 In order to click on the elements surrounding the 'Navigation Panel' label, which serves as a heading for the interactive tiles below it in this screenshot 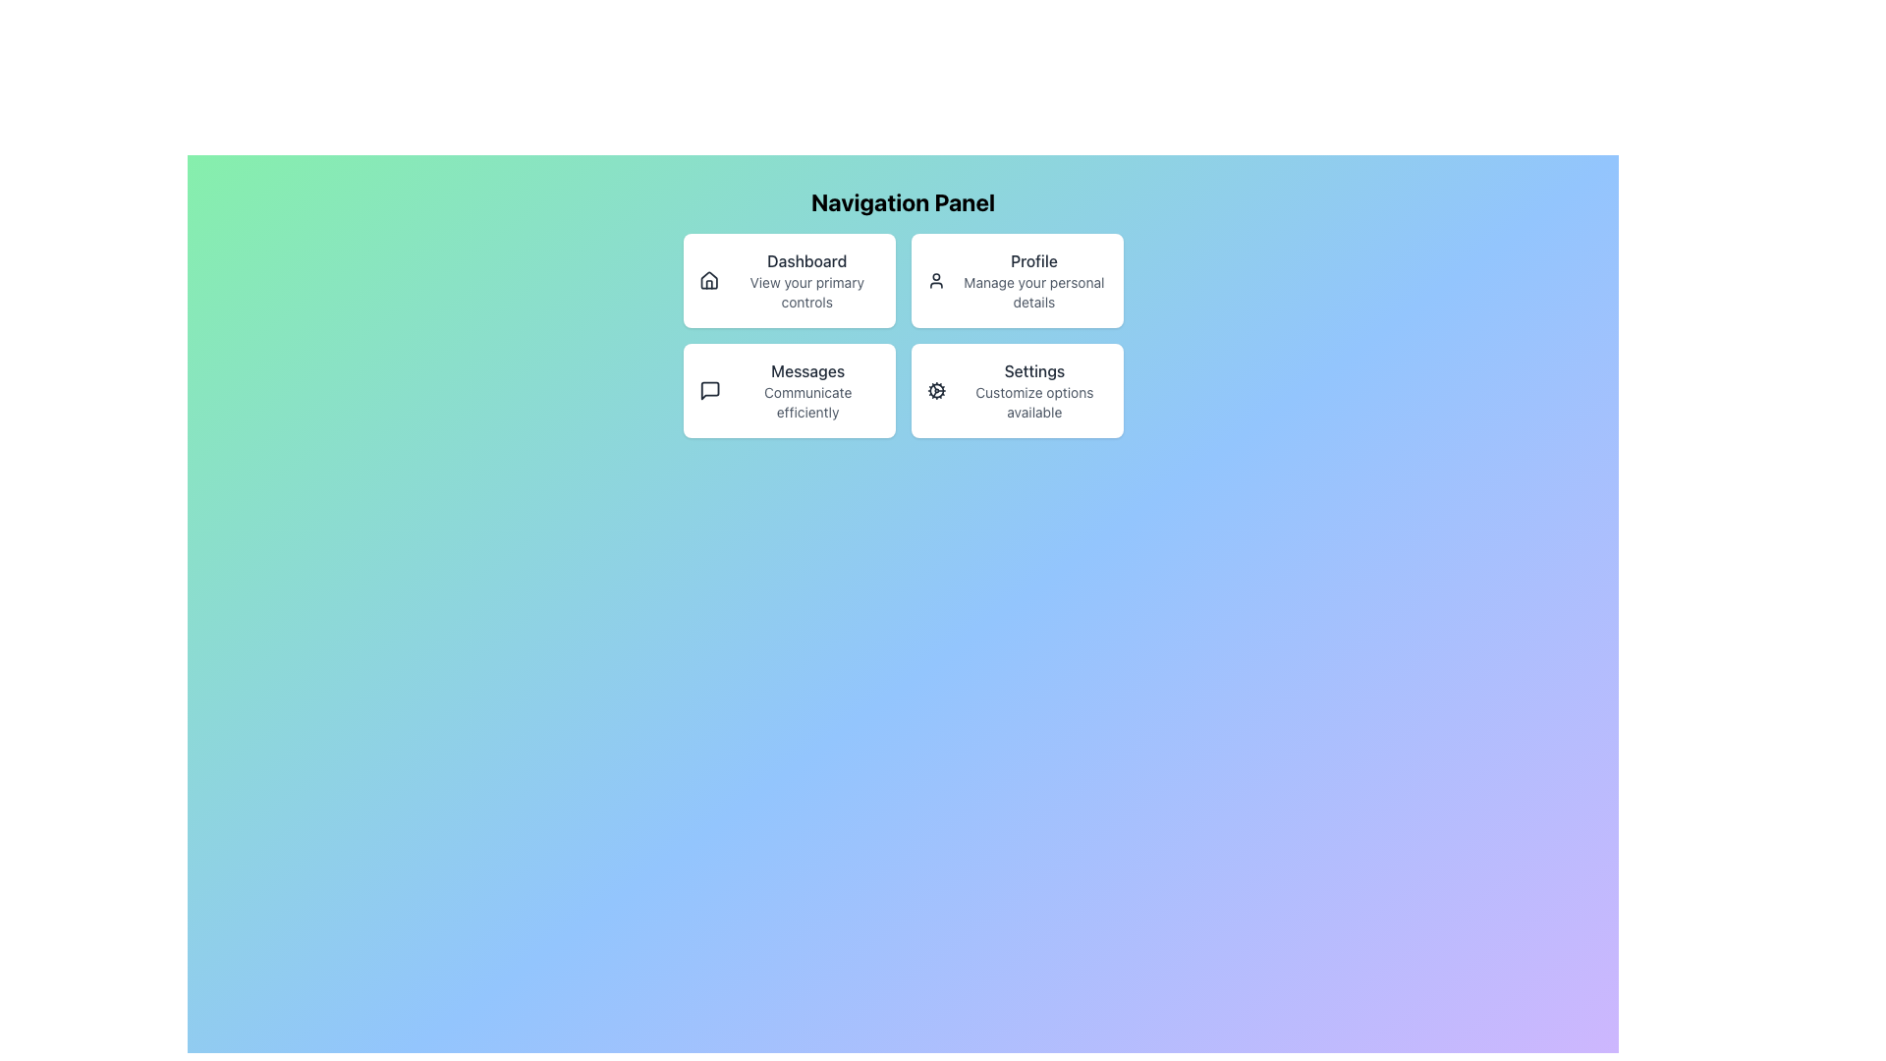, I will do `click(902, 201)`.